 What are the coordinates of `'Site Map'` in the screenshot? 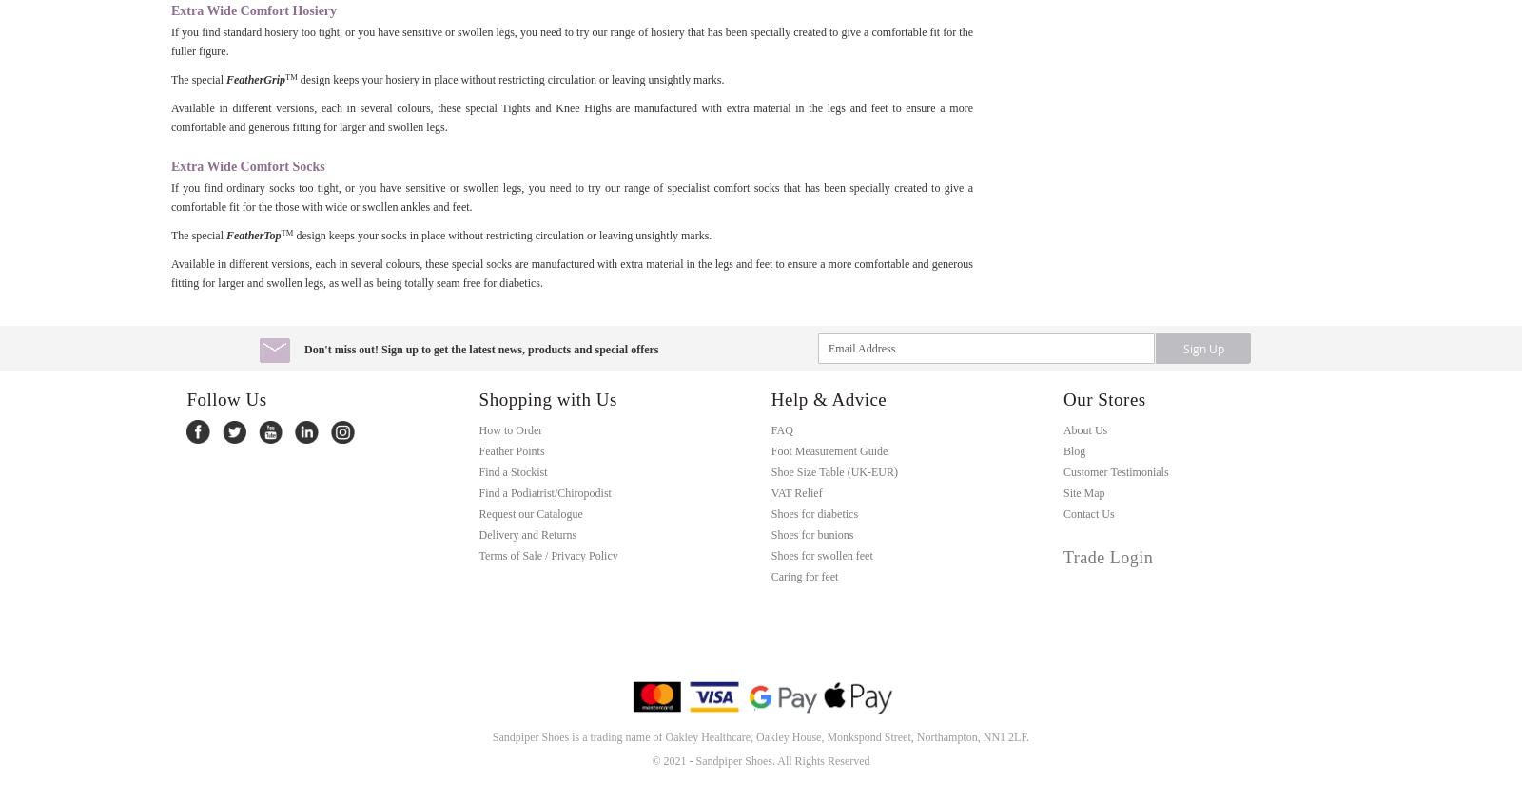 It's located at (1083, 492).